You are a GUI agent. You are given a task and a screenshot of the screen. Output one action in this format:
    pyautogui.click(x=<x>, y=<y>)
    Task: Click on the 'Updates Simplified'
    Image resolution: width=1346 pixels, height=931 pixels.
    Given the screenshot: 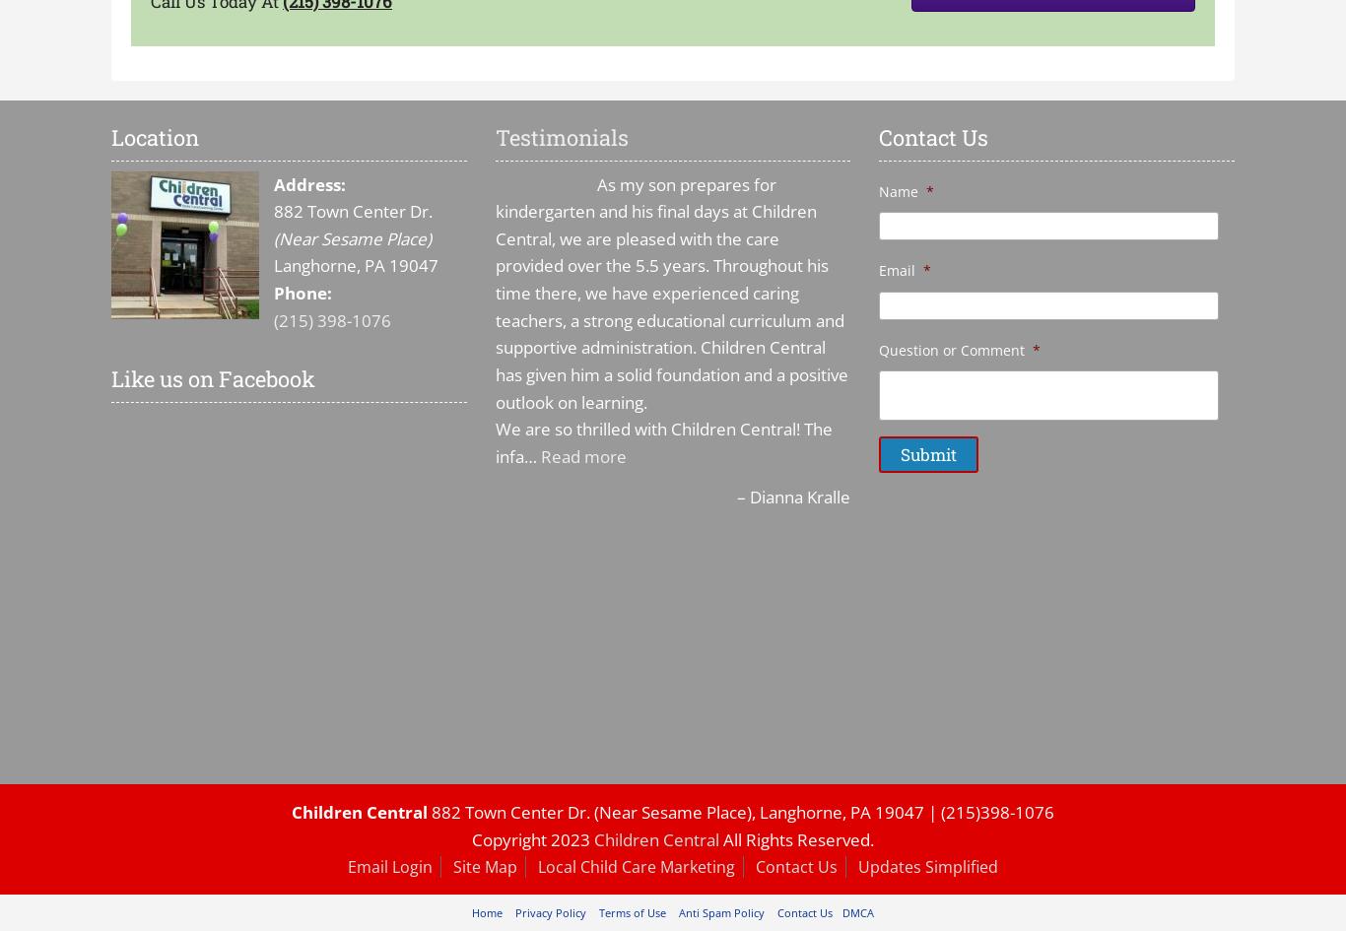 What is the action you would take?
    pyautogui.click(x=927, y=865)
    